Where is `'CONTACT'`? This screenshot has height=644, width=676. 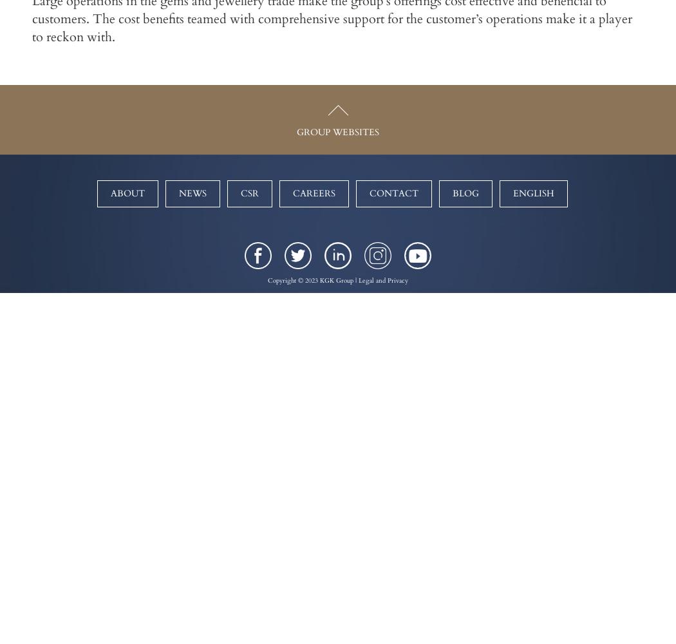
'CONTACT' is located at coordinates (394, 193).